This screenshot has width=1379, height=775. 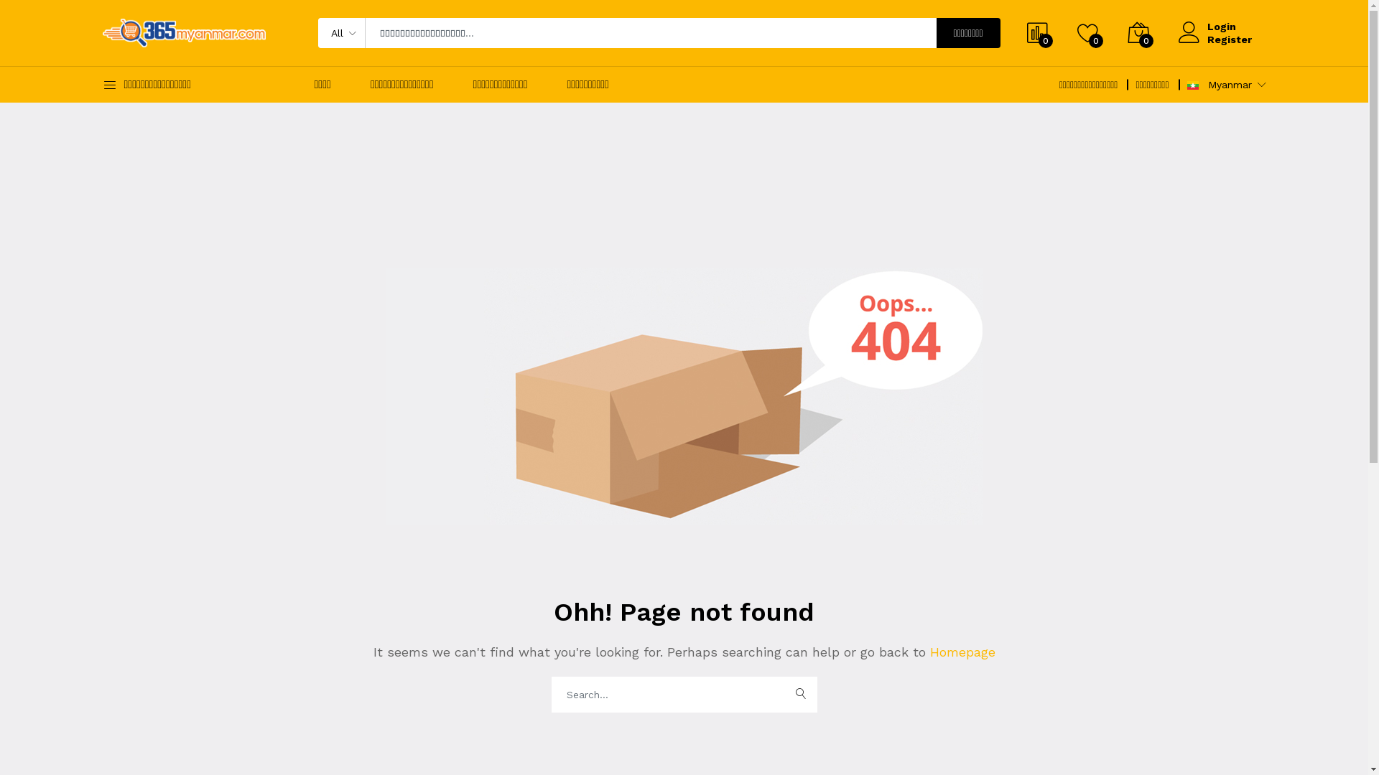 I want to click on 'Homepage', so click(x=960, y=652).